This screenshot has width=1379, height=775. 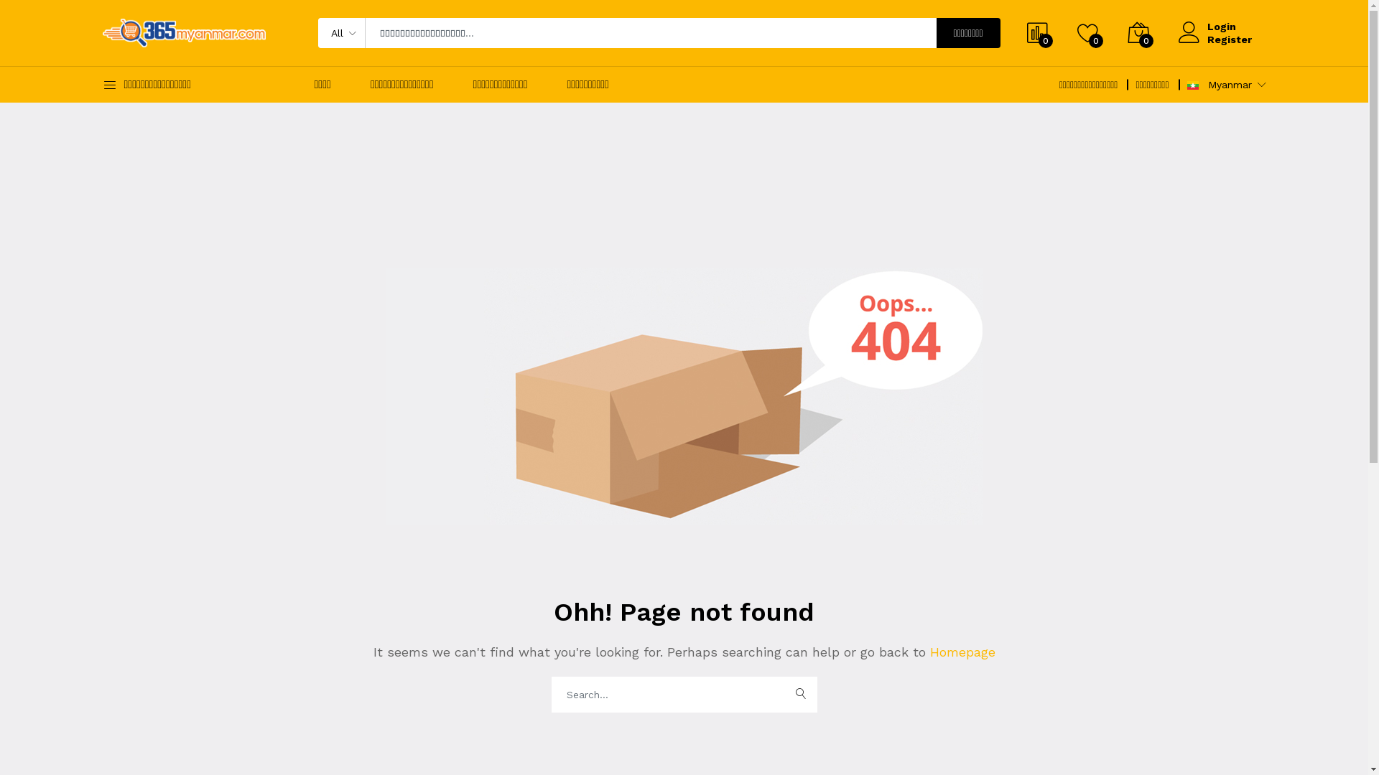 I want to click on 'Homepage', so click(x=960, y=652).